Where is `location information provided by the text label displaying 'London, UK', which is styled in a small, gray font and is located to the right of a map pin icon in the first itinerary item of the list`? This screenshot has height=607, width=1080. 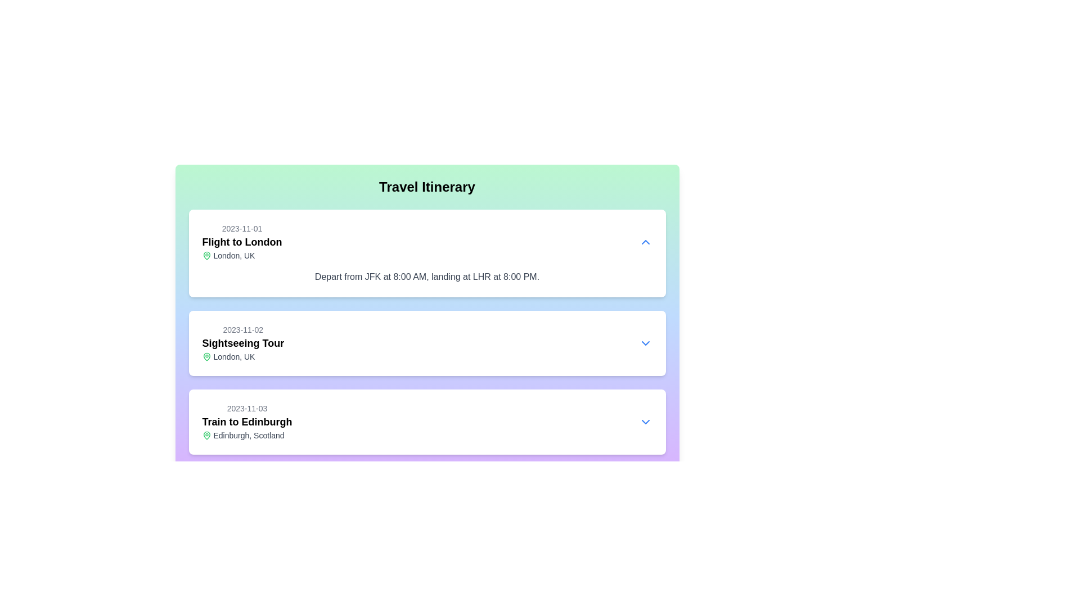 location information provided by the text label displaying 'London, UK', which is styled in a small, gray font and is located to the right of a map pin icon in the first itinerary item of the list is located at coordinates (233, 256).